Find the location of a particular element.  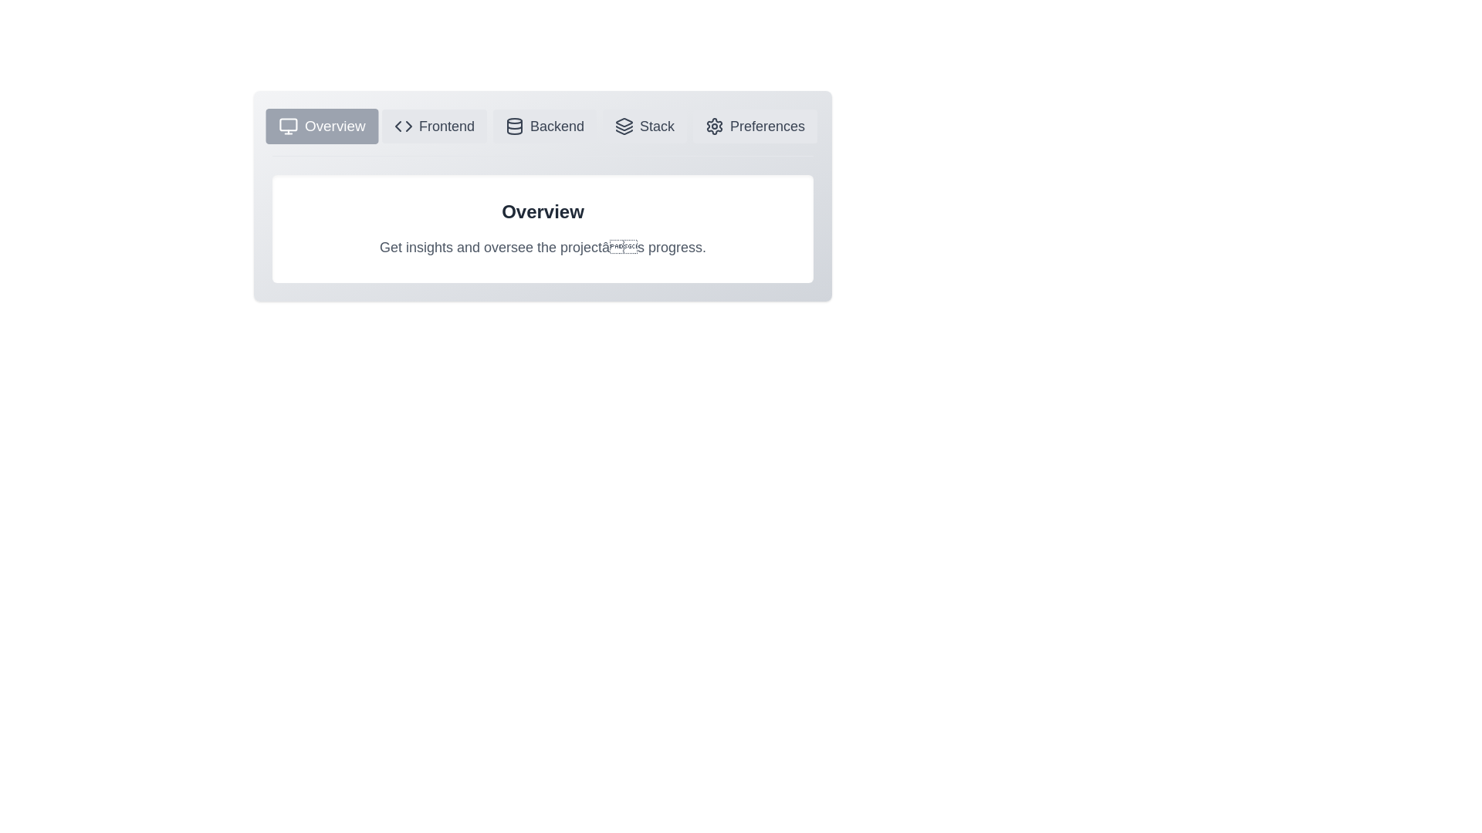

the Frontend tab is located at coordinates (432, 126).